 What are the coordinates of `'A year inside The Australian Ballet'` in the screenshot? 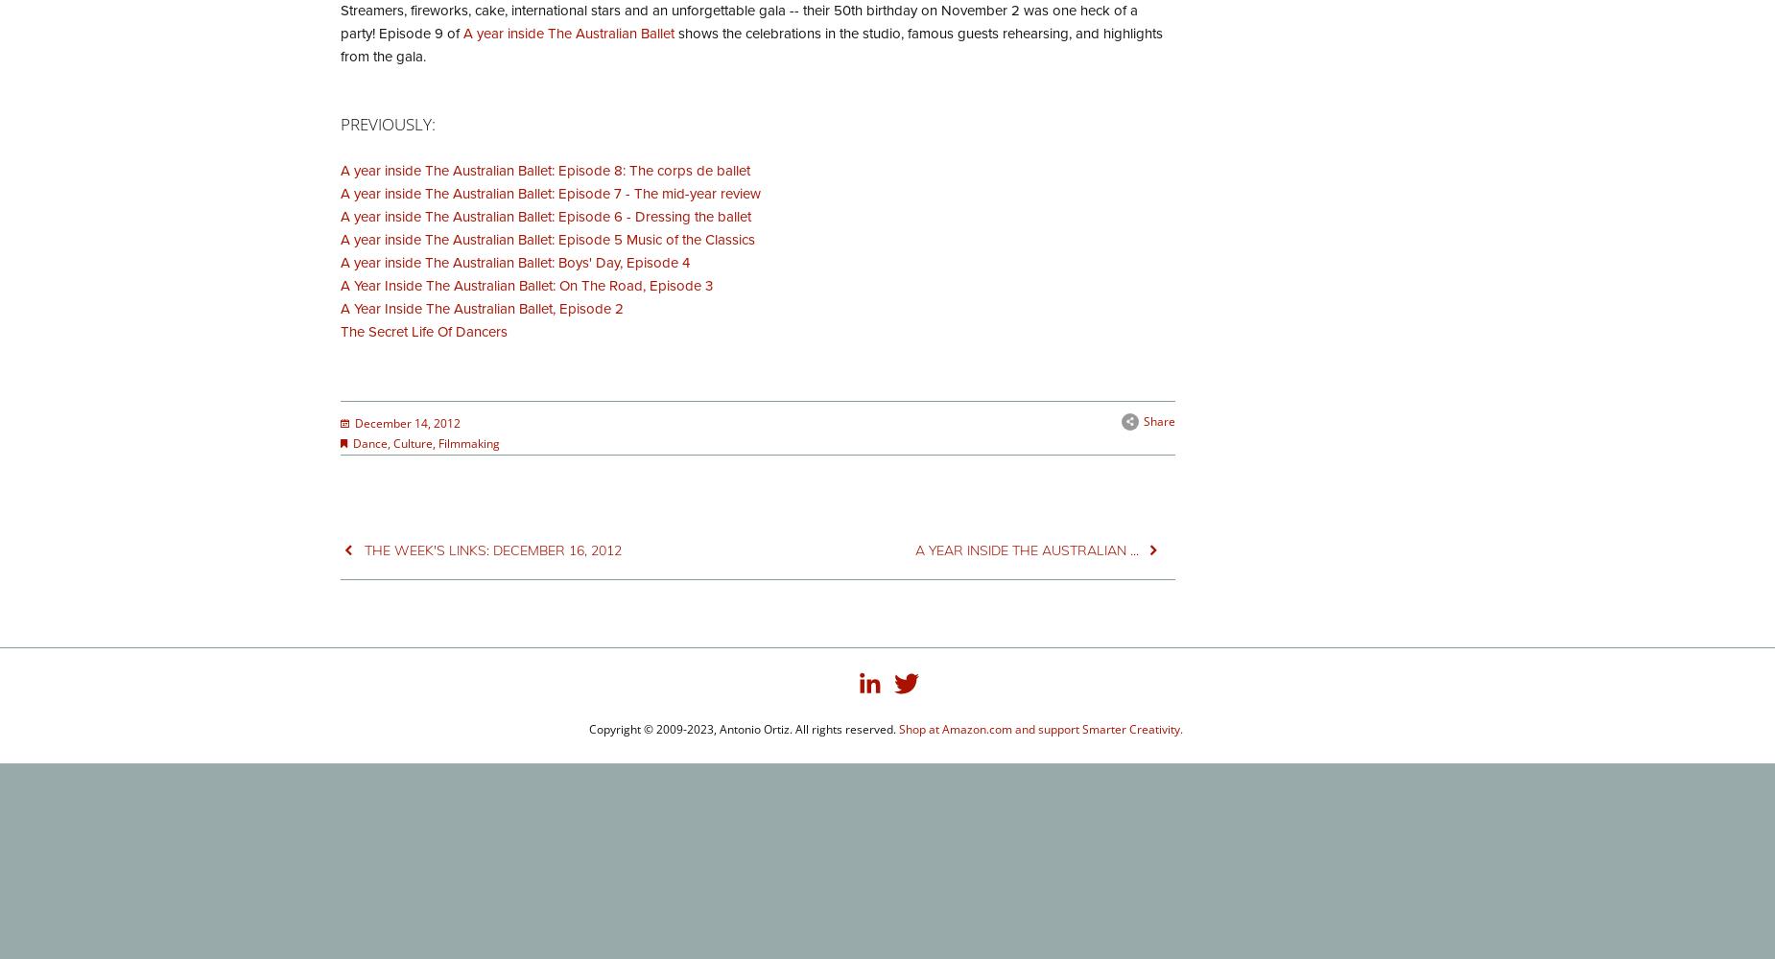 It's located at (568, 33).